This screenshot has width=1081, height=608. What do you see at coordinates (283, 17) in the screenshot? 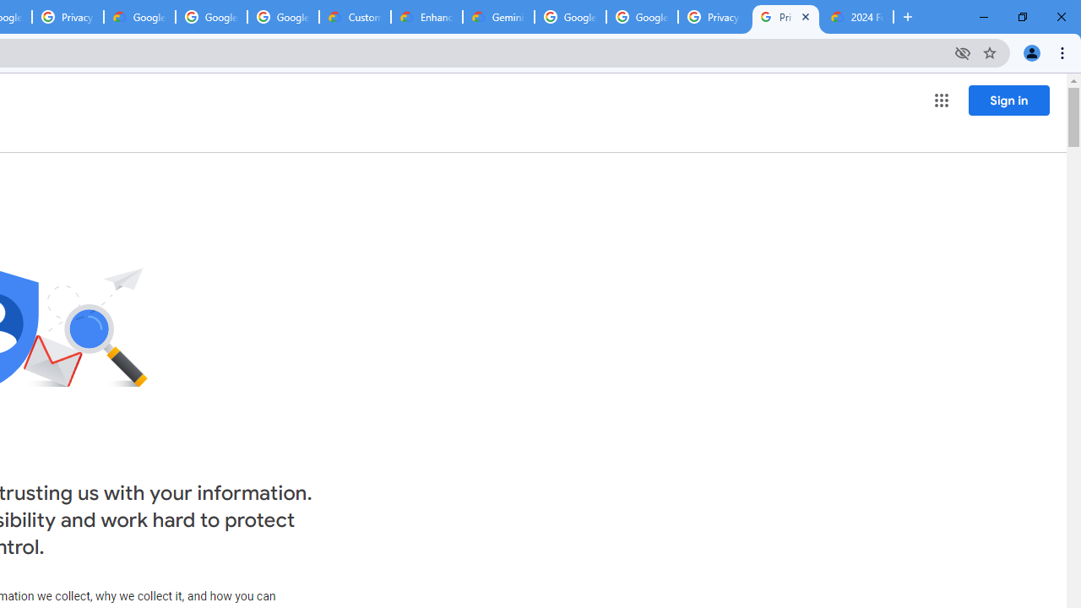
I see `'Google Workspace - Specific Terms'` at bounding box center [283, 17].